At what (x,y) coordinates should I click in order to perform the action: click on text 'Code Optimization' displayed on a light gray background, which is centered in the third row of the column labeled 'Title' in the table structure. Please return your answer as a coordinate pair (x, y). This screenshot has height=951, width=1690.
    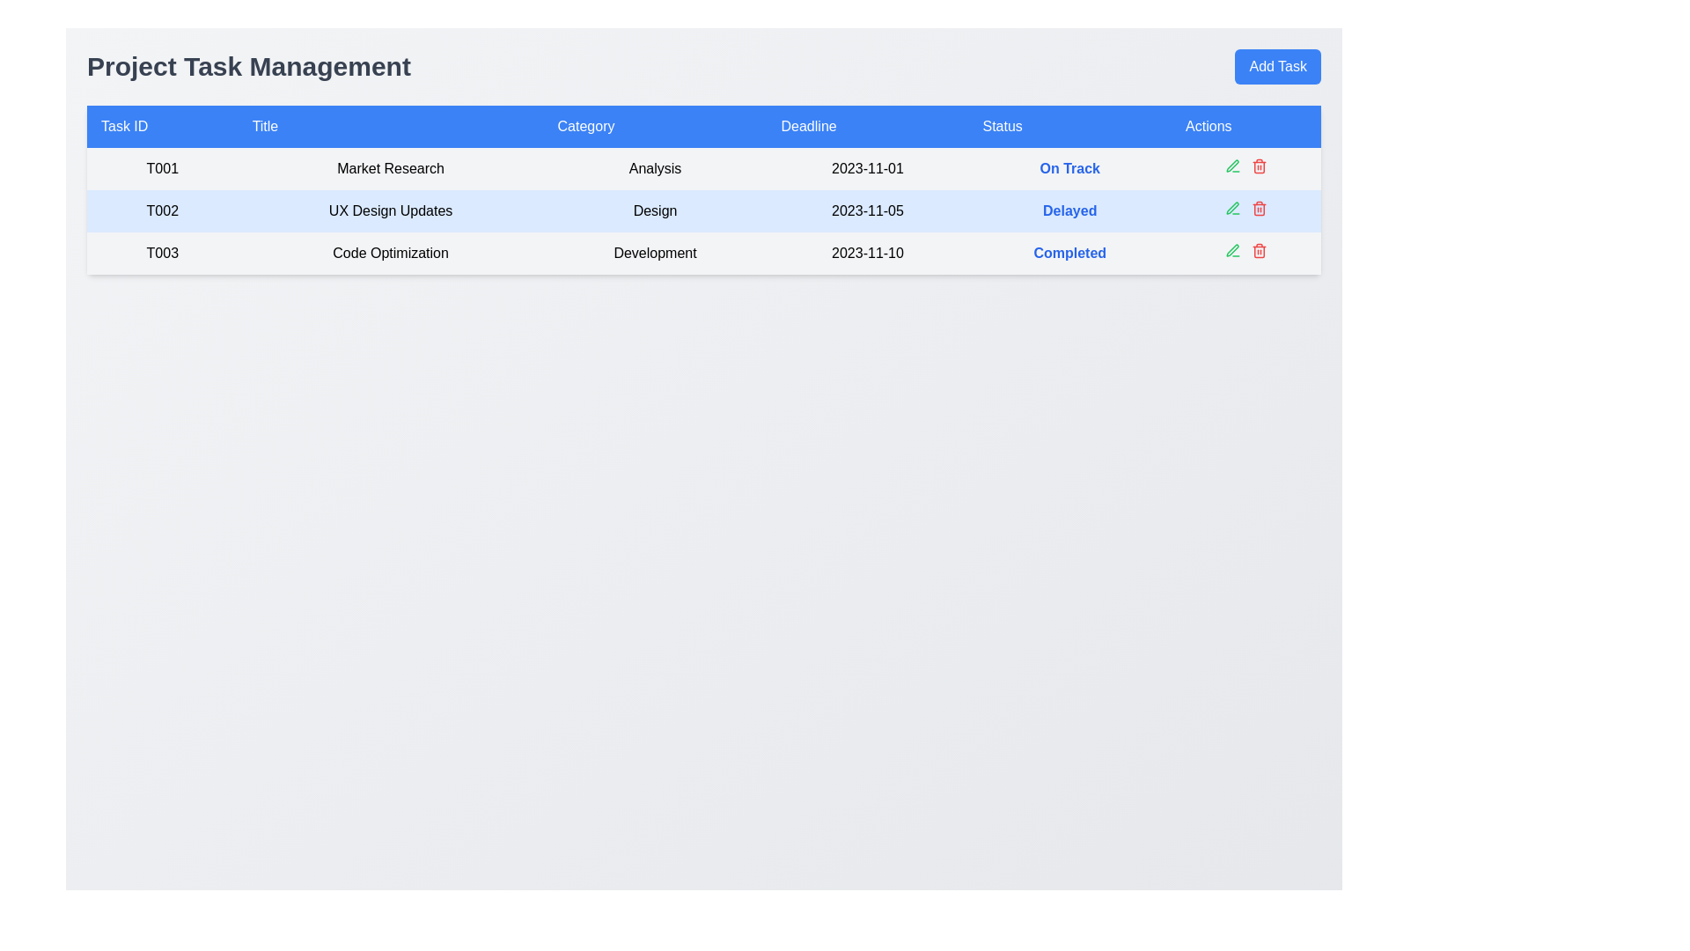
    Looking at the image, I should click on (390, 254).